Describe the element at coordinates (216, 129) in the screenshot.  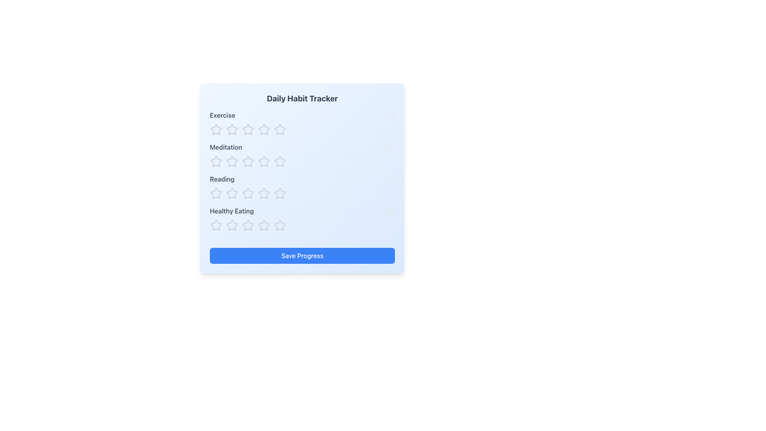
I see `the first star-shaped icon` at that location.